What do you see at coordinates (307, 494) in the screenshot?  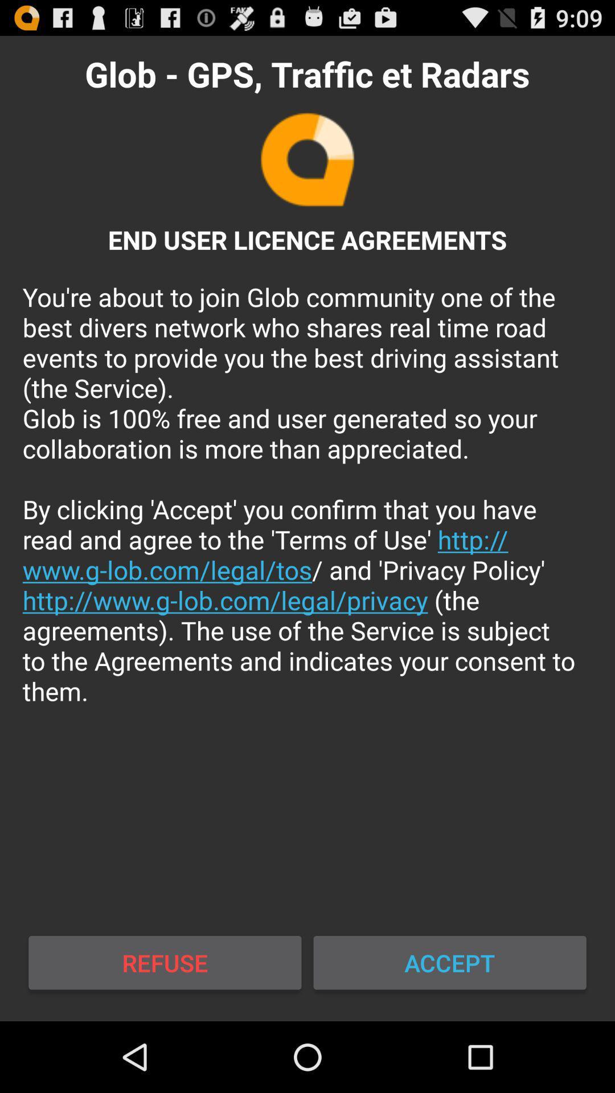 I see `the item at the center` at bounding box center [307, 494].